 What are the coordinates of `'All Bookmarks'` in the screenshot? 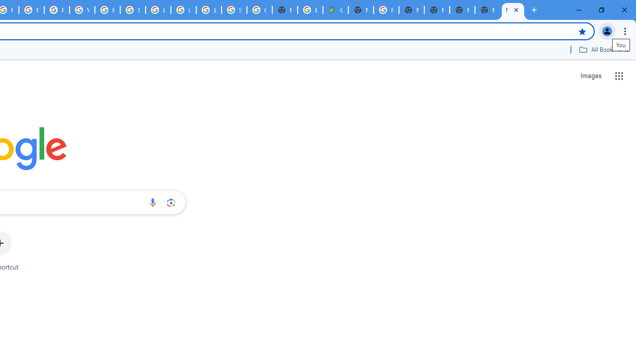 It's located at (603, 49).